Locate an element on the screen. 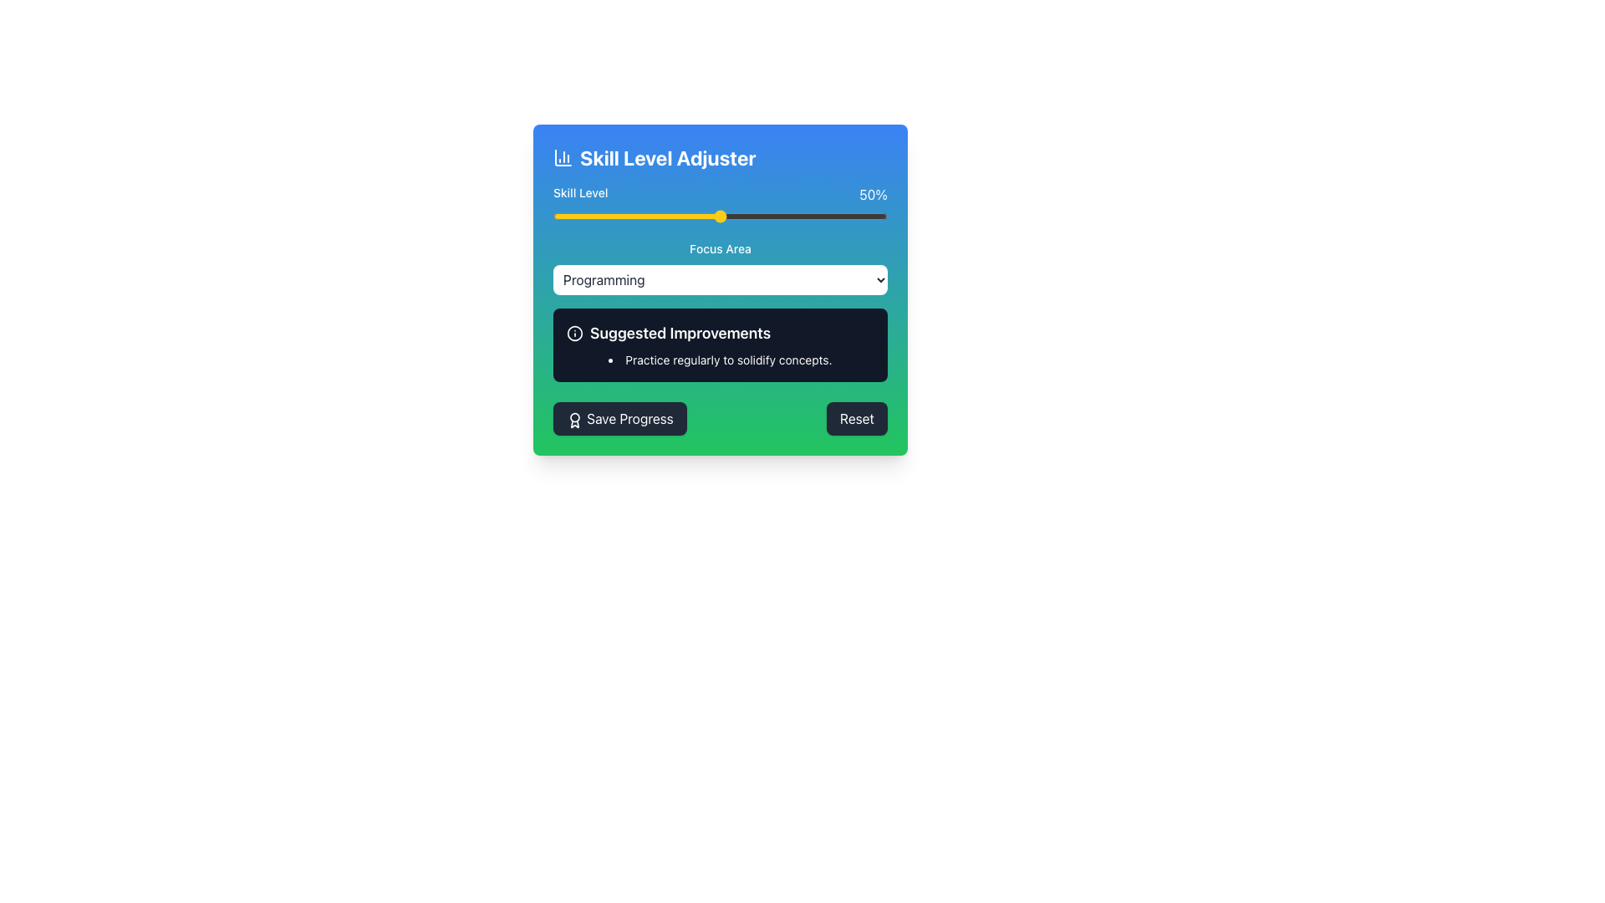  the slider is located at coordinates (757, 215).